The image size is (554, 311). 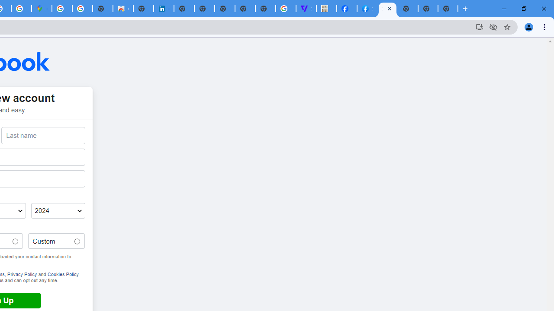 What do you see at coordinates (465, 9) in the screenshot?
I see `'New Tab'` at bounding box center [465, 9].